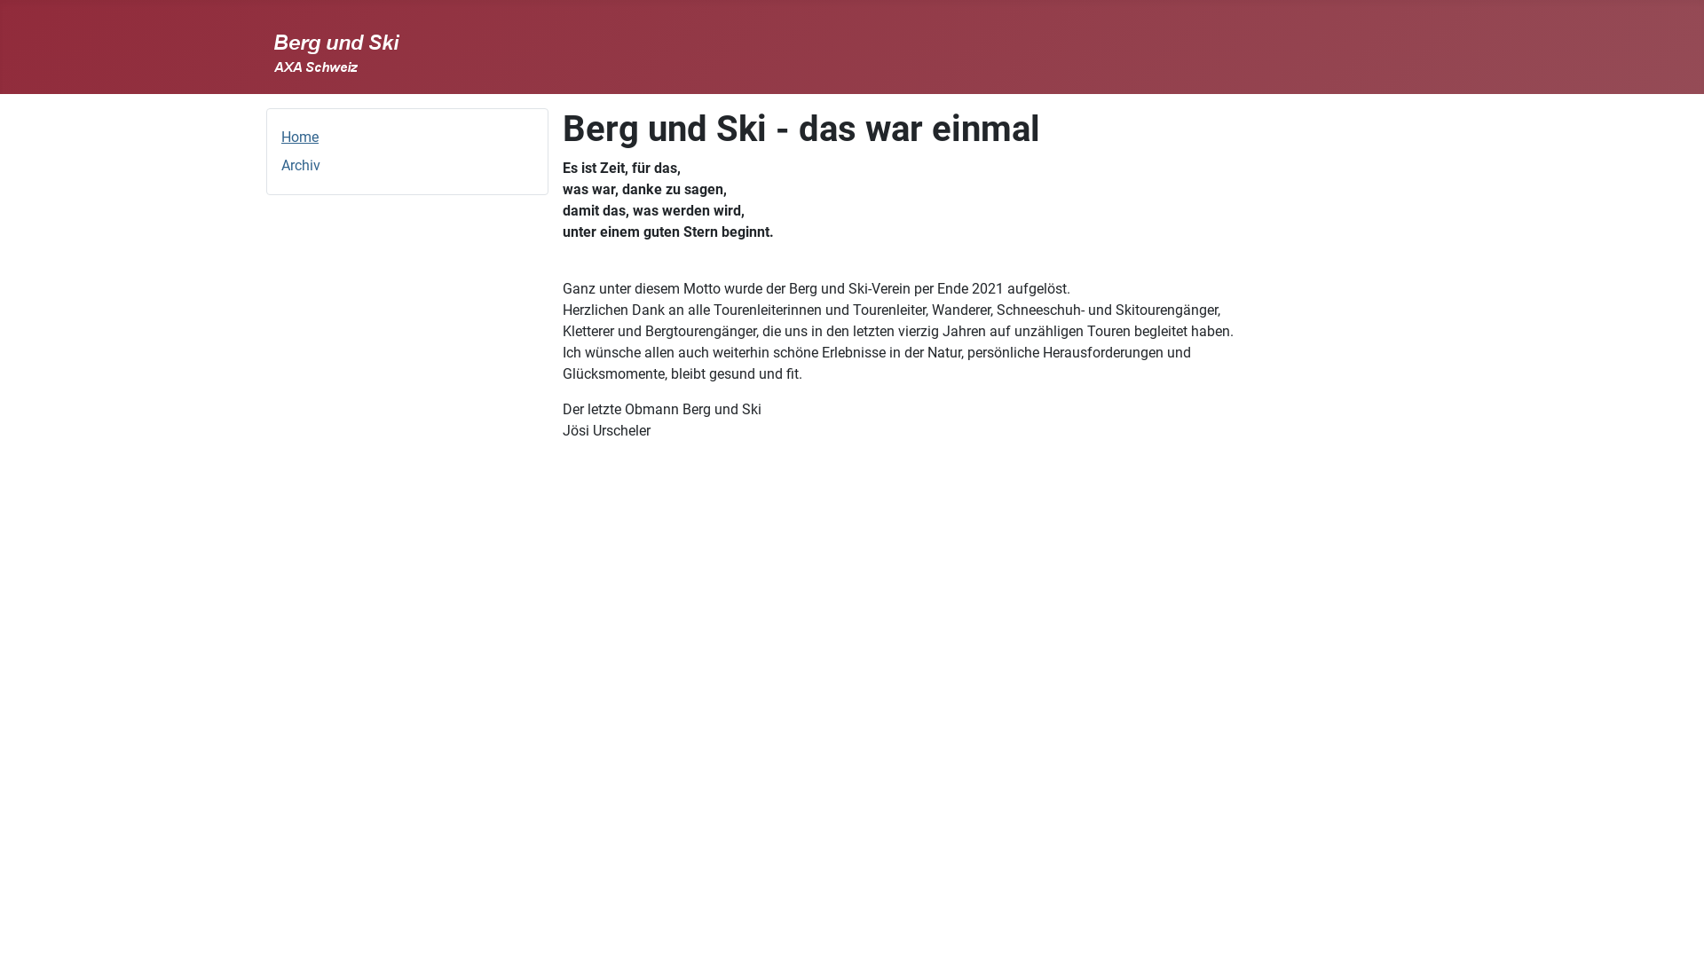  What do you see at coordinates (301, 165) in the screenshot?
I see `'Archiv'` at bounding box center [301, 165].